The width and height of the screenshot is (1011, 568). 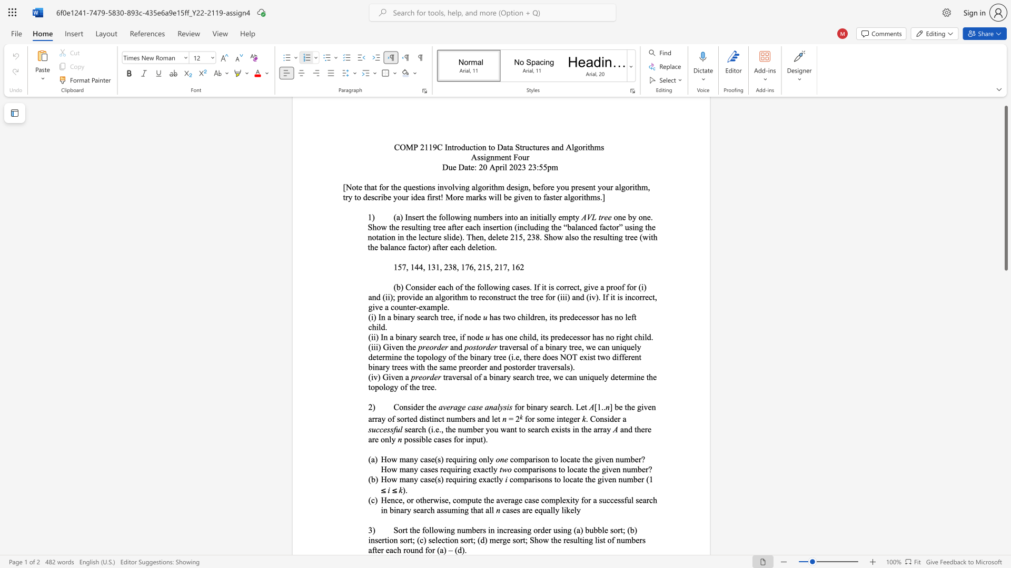 What do you see at coordinates (492, 530) in the screenshot?
I see `the 3th character "n" in the text` at bounding box center [492, 530].